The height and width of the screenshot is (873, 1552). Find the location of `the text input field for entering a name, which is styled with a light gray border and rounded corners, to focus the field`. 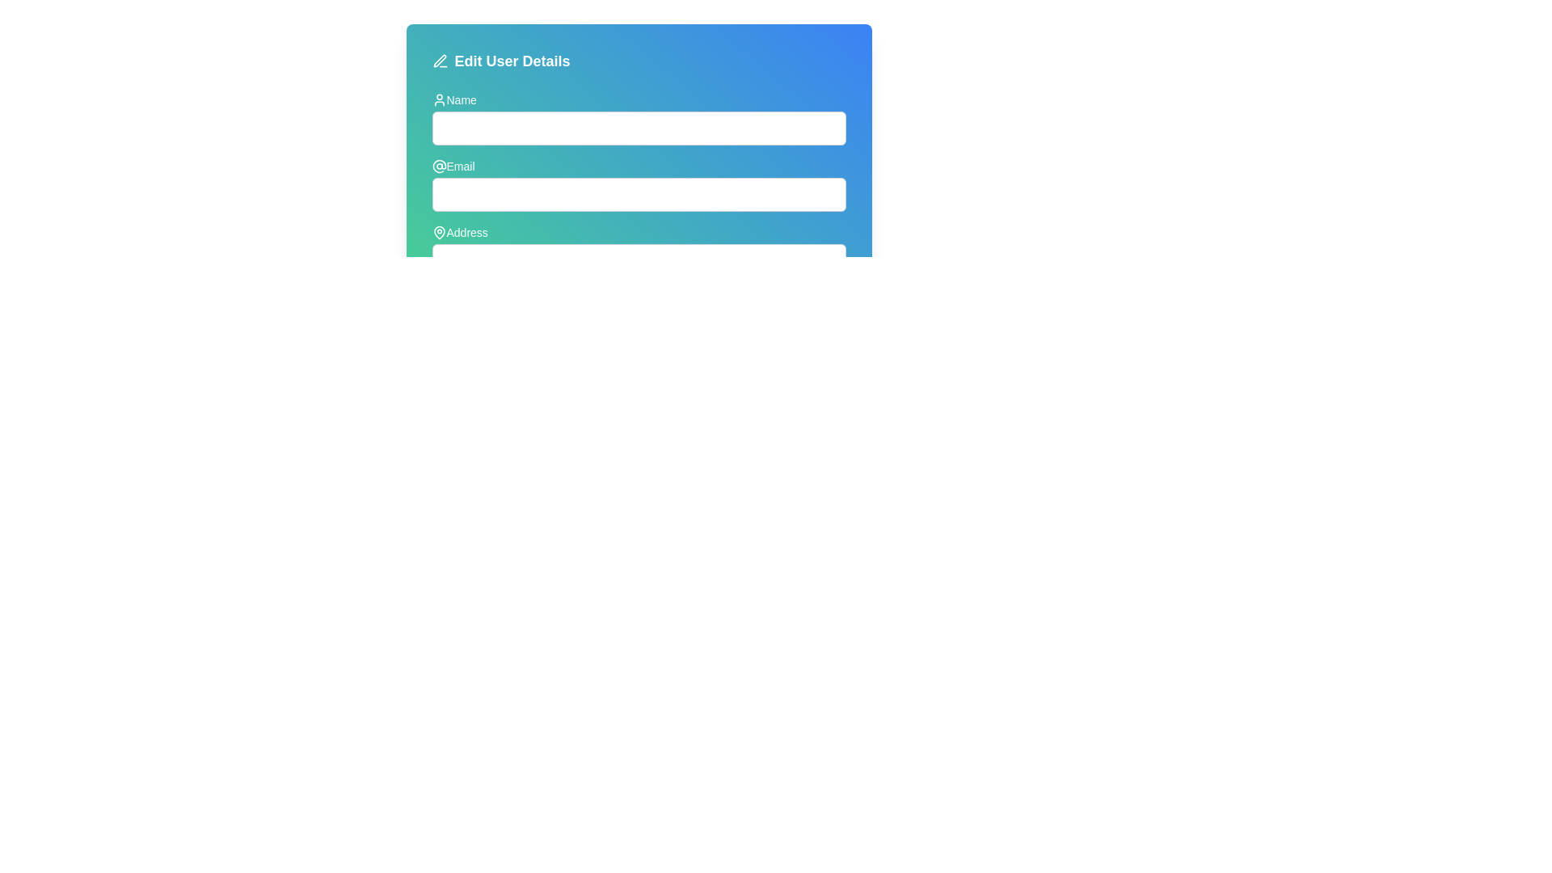

the text input field for entering a name, which is styled with a light gray border and rounded corners, to focus the field is located at coordinates (638, 117).